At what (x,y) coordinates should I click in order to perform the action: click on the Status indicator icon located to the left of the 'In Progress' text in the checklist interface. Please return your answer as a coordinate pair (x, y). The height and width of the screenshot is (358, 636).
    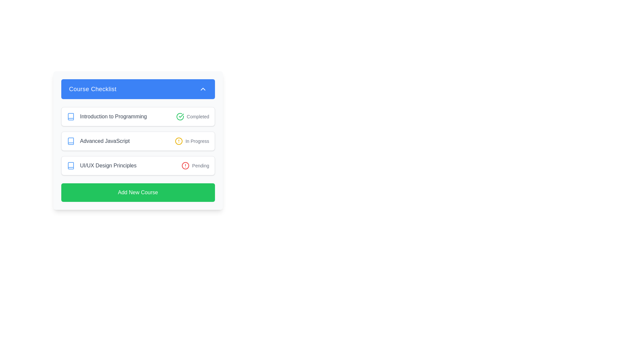
    Looking at the image, I should click on (179, 141).